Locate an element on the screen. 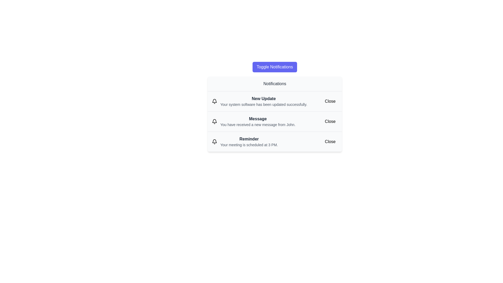  the 'New Update' text label, which is bold and dark gray, located near the top of the notification panel under the 'Toggle Notifications' button is located at coordinates (264, 99).